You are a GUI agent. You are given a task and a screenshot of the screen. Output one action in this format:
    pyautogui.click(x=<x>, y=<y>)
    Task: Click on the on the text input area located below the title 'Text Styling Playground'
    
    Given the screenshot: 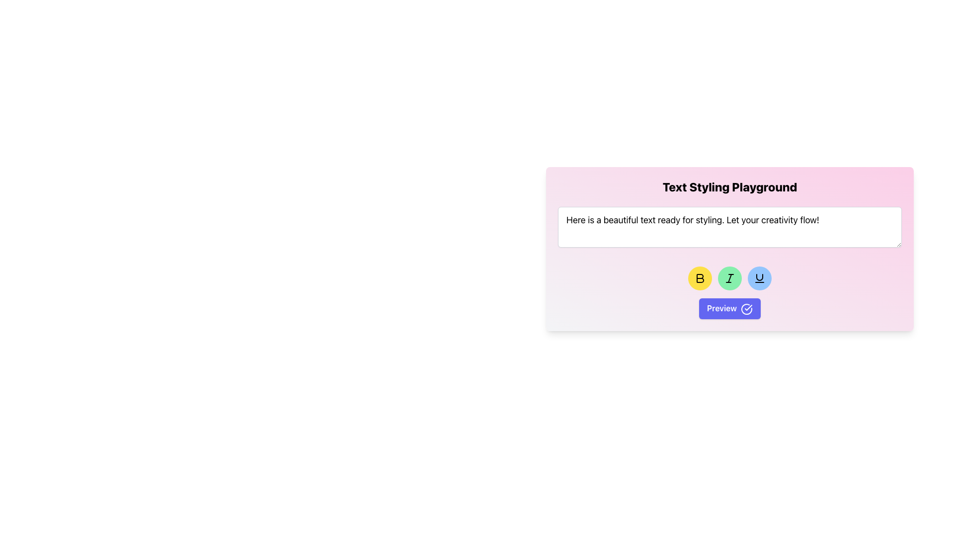 What is the action you would take?
    pyautogui.click(x=729, y=281)
    